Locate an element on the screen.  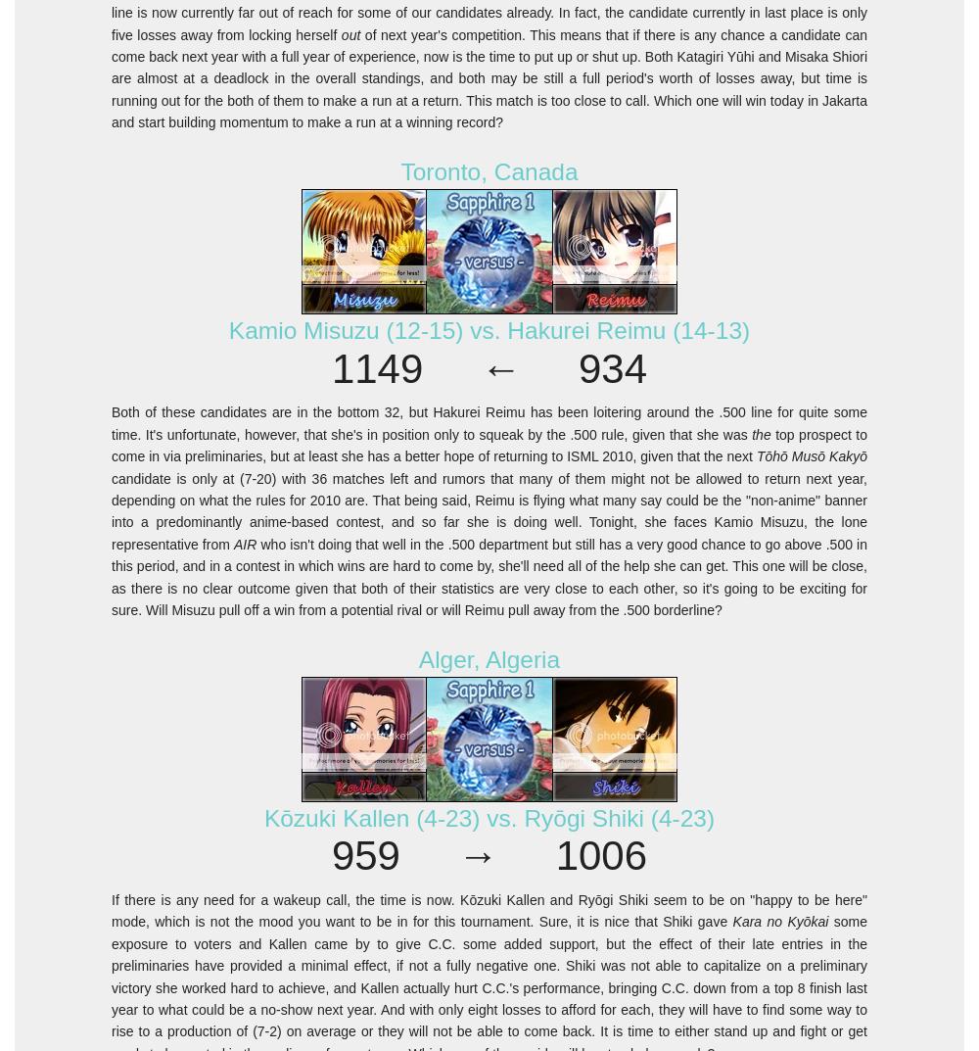
'Kara no Kyōkai' is located at coordinates (780, 922).